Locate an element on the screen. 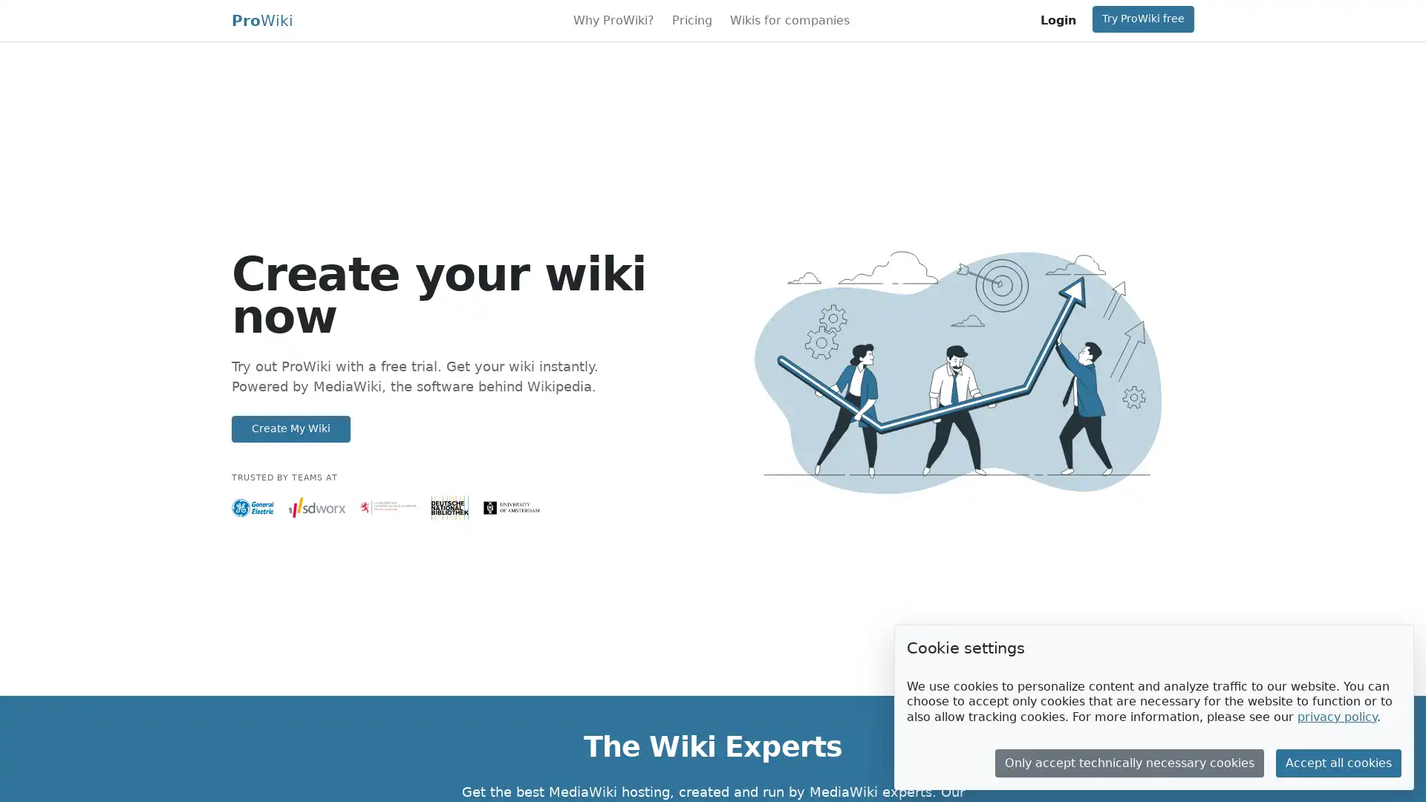 This screenshot has height=802, width=1426. Only accept technically necessary cookies is located at coordinates (1129, 763).